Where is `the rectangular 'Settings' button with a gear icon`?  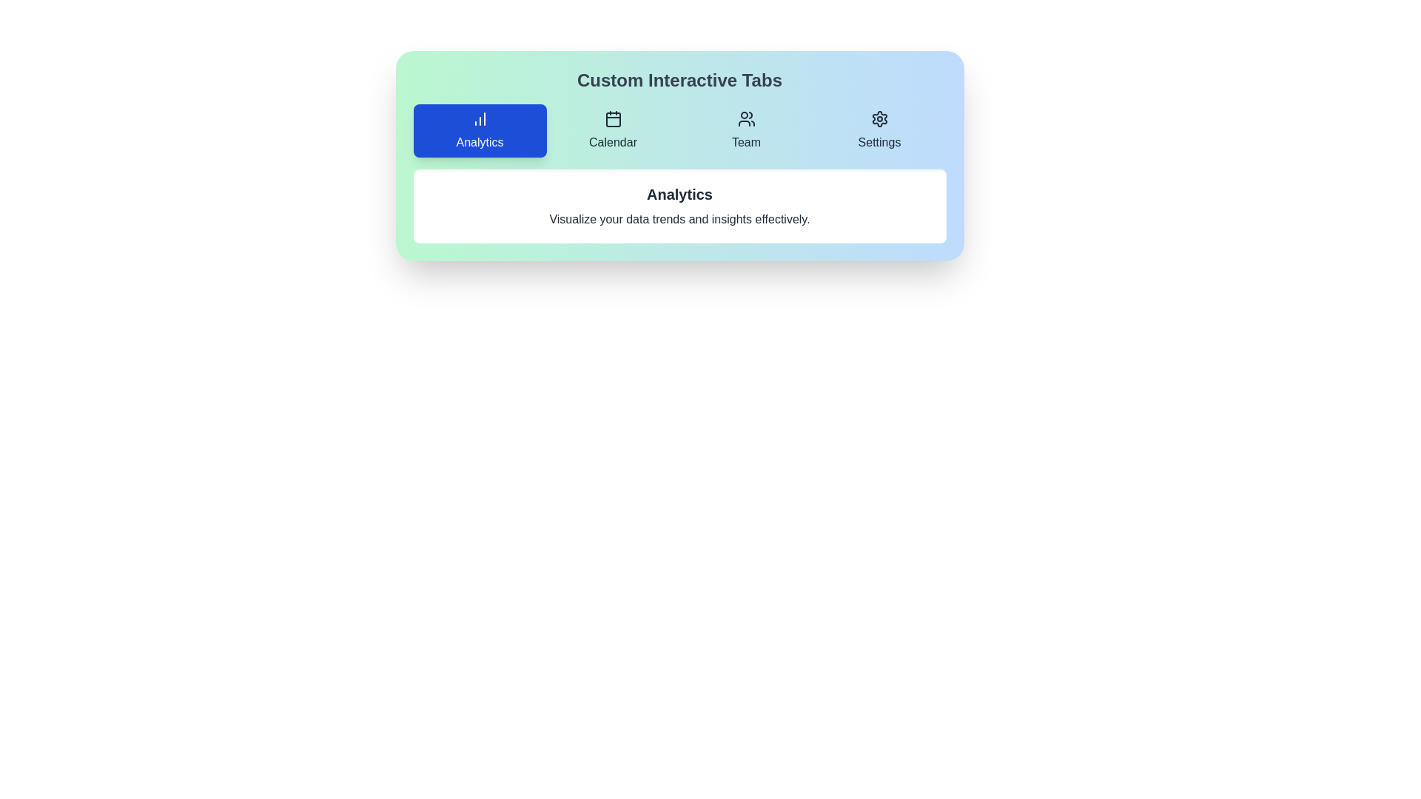
the rectangular 'Settings' button with a gear icon is located at coordinates (879, 130).